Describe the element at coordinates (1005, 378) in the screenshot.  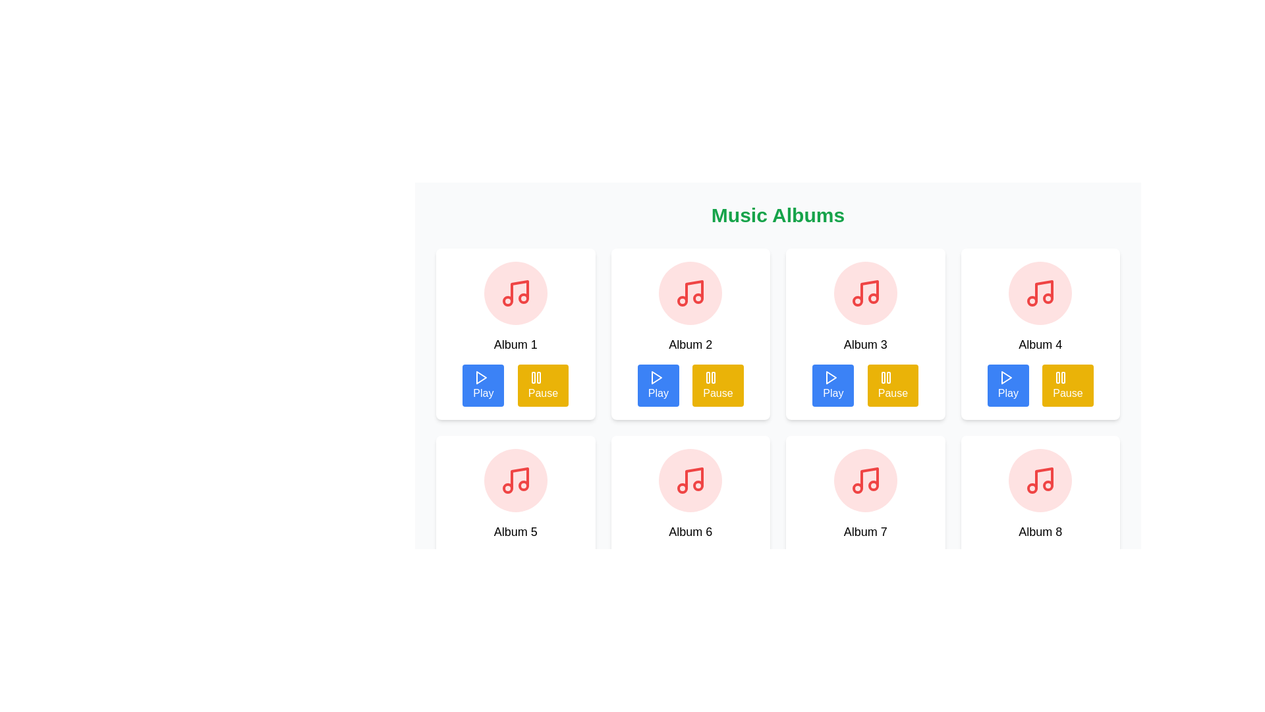
I see `the 'Play' button associated with 'Album 4' in the first row of the music album grid to initiate playback` at that location.